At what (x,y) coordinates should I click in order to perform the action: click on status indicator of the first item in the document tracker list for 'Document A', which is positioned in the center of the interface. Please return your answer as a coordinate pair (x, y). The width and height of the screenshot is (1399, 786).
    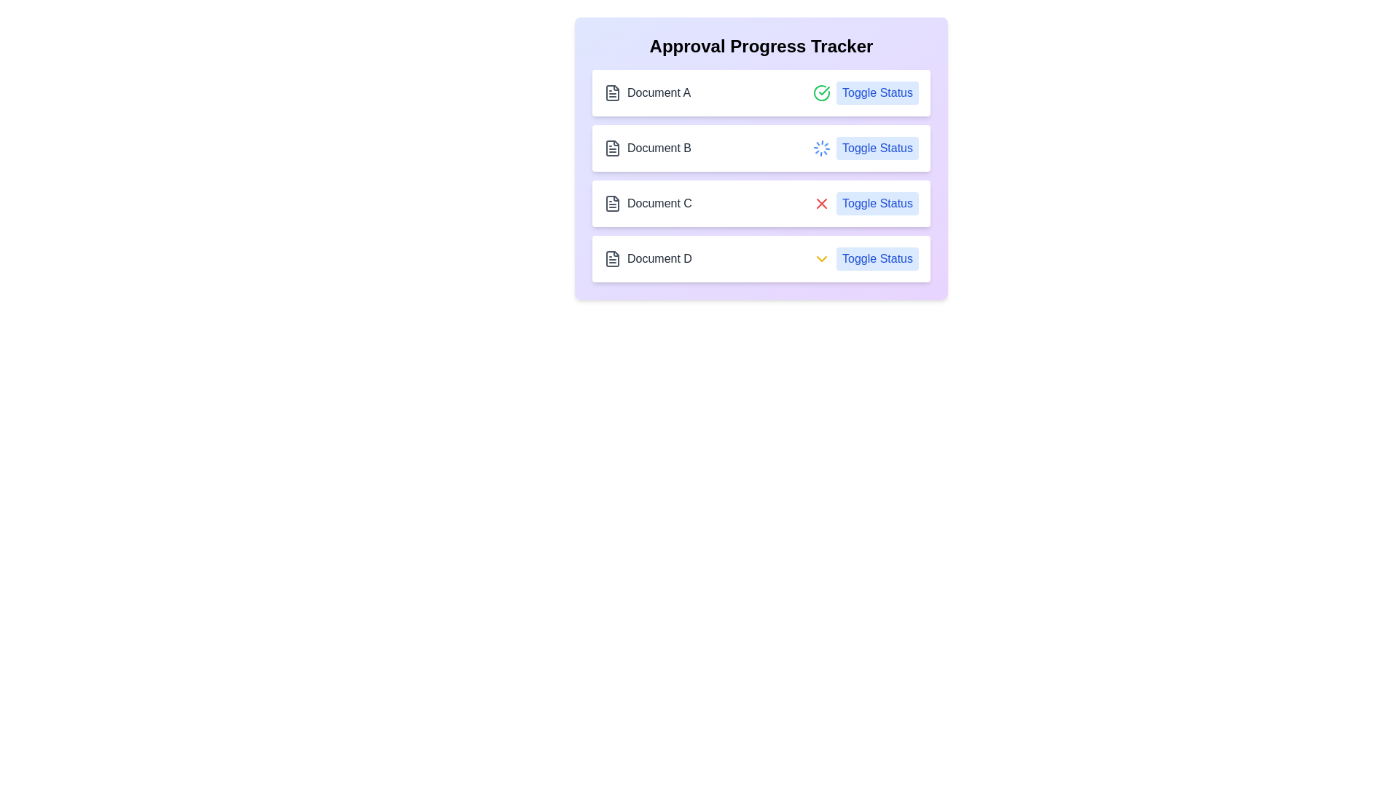
    Looking at the image, I should click on (761, 92).